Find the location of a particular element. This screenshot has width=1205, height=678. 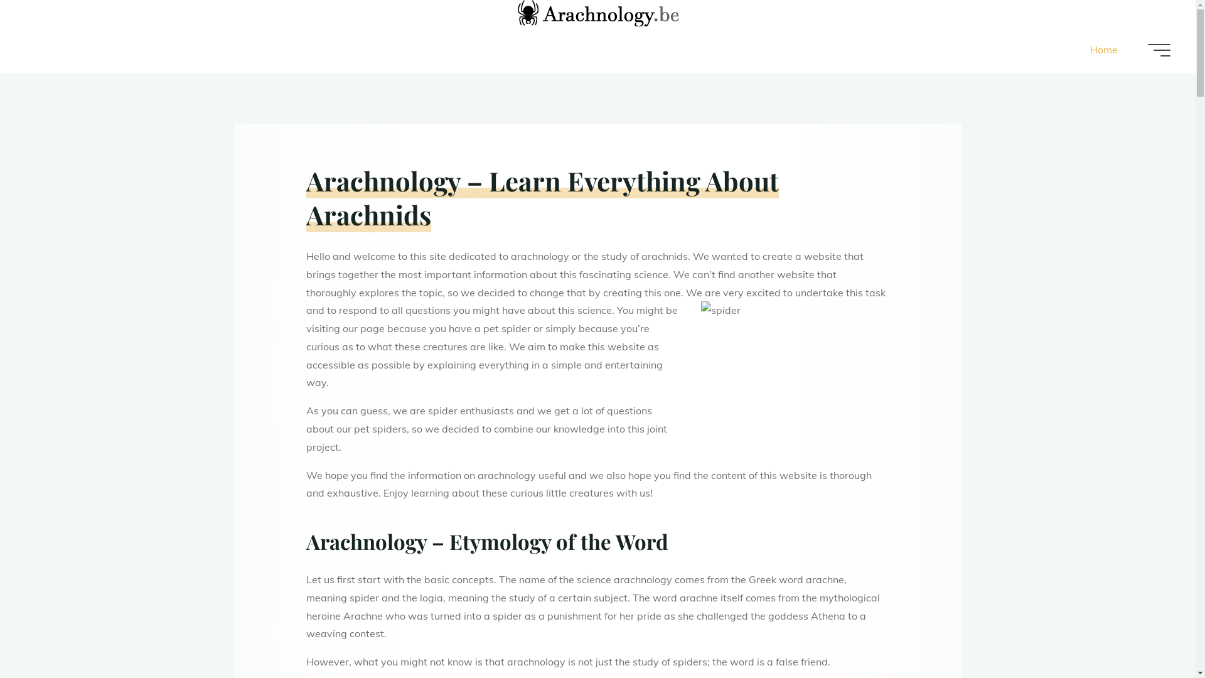

'Home' is located at coordinates (1069, 49).